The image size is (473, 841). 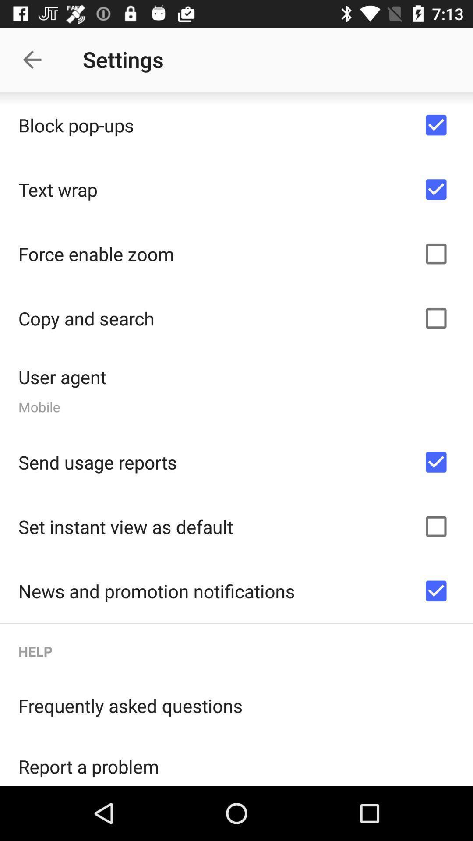 I want to click on the arrow_backward icon, so click(x=36, y=59).